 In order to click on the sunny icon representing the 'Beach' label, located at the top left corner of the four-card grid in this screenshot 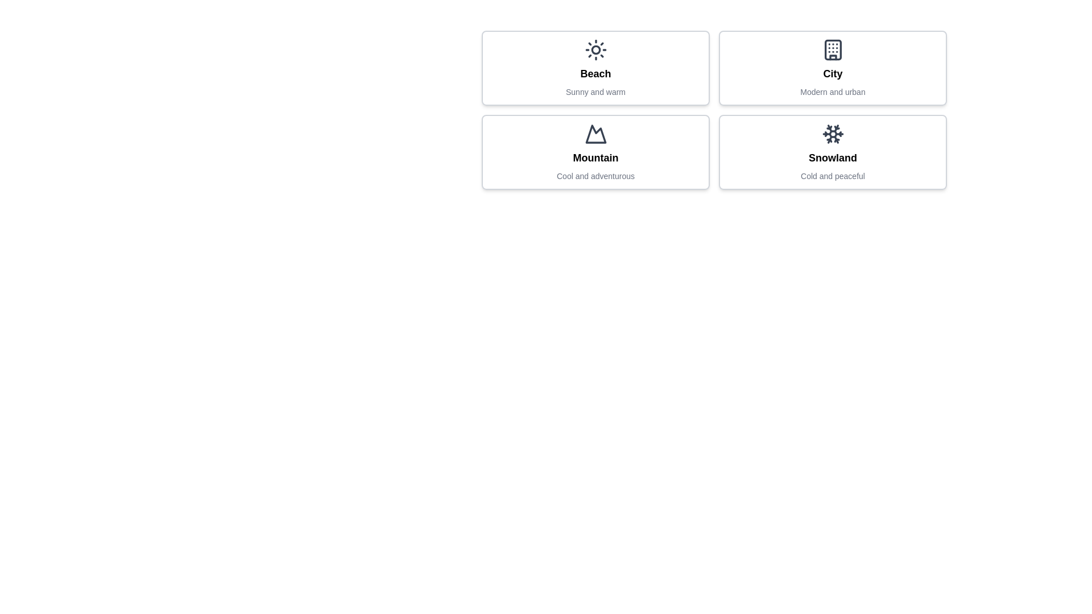, I will do `click(595, 49)`.